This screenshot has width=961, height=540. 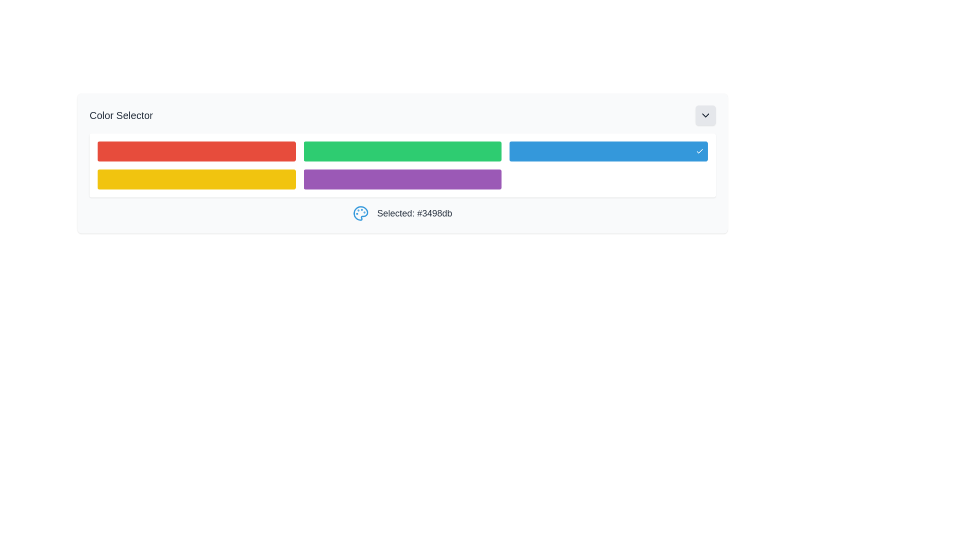 I want to click on the color selector button located in the second row and second column of the grid layout, so click(x=402, y=178).